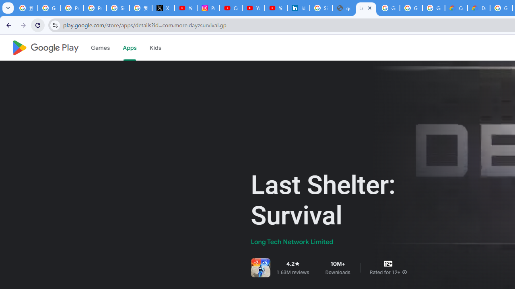 The width and height of the screenshot is (515, 289). What do you see at coordinates (45, 48) in the screenshot?
I see `'Google Play logo'` at bounding box center [45, 48].